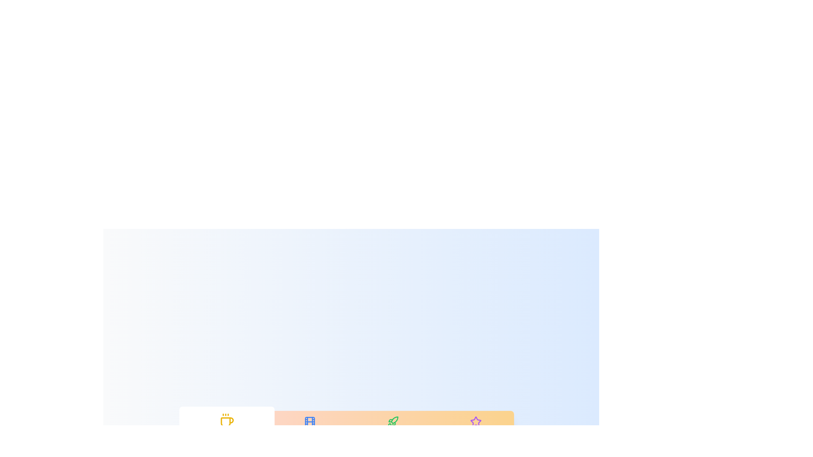  I want to click on the tab labeled Movies to select it, so click(309, 427).